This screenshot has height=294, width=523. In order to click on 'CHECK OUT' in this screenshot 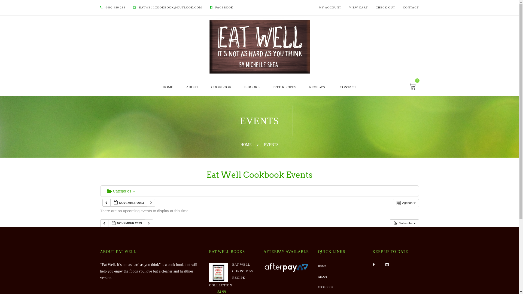, I will do `click(385, 7)`.